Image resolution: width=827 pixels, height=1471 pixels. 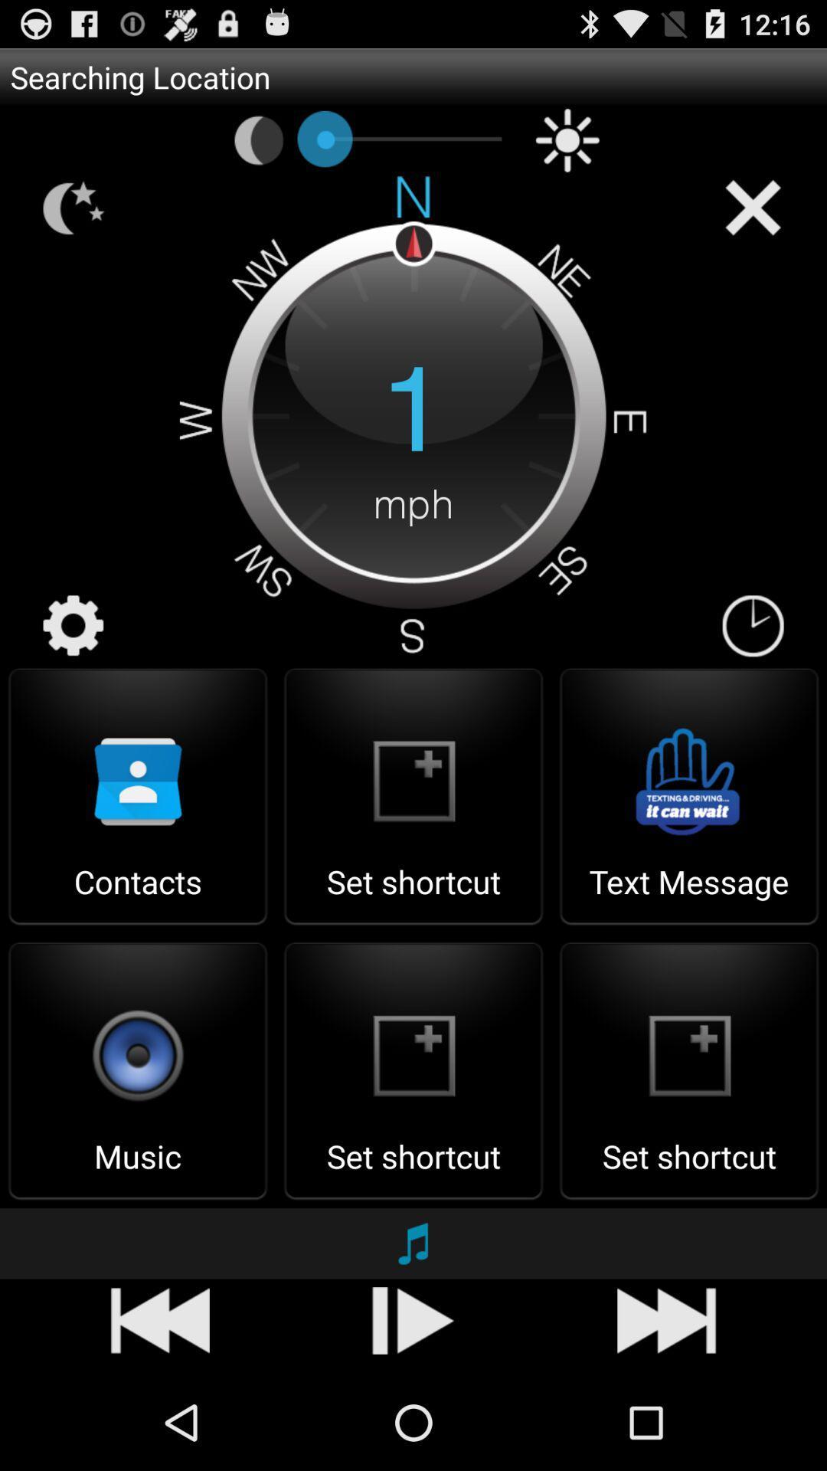 I want to click on the app below searching location, so click(x=567, y=140).